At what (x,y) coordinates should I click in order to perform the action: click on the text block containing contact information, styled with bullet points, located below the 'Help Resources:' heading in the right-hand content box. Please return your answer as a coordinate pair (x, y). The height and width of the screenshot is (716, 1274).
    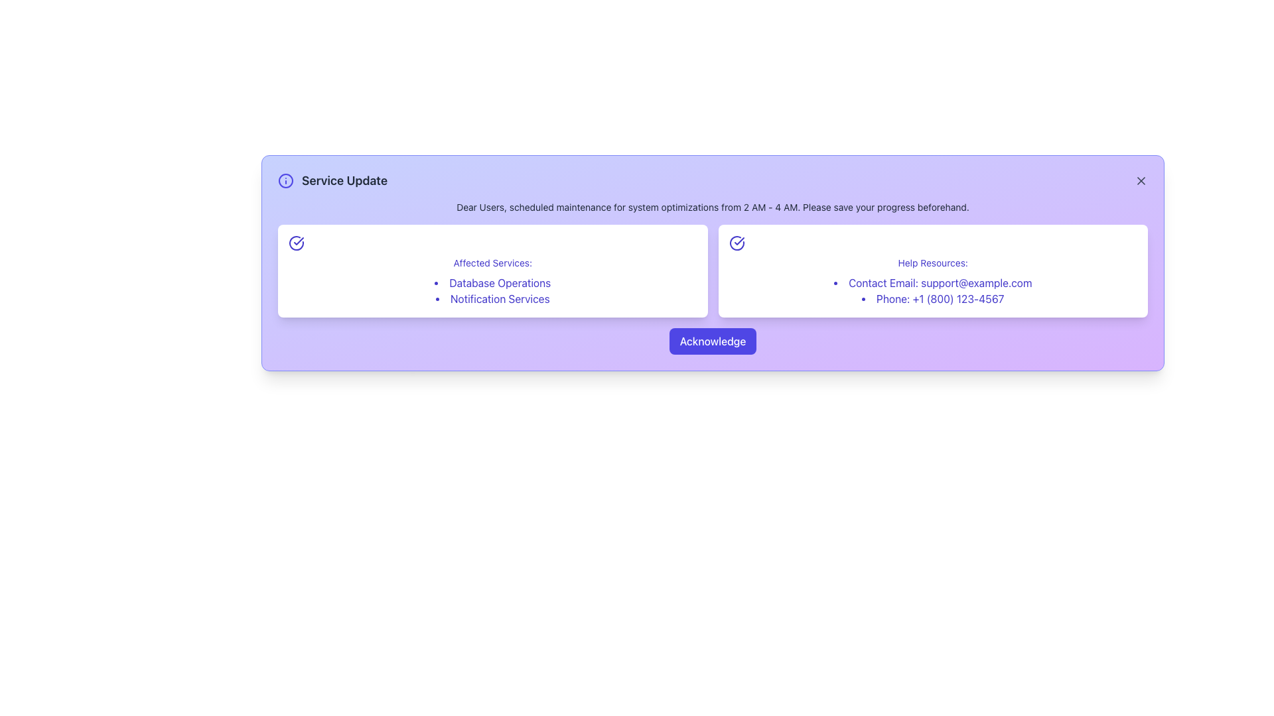
    Looking at the image, I should click on (932, 290).